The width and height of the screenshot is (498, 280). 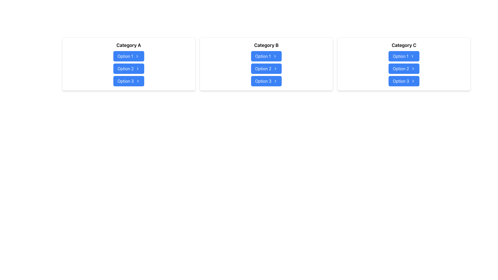 I want to click on each button in the Vertical Button Group located under the heading 'Category B', so click(x=266, y=68).